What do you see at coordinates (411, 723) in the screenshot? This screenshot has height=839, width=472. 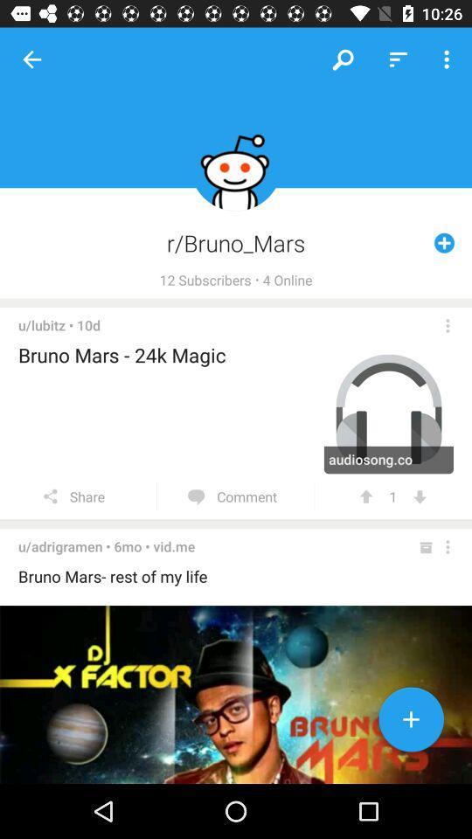 I see `the add icon` at bounding box center [411, 723].